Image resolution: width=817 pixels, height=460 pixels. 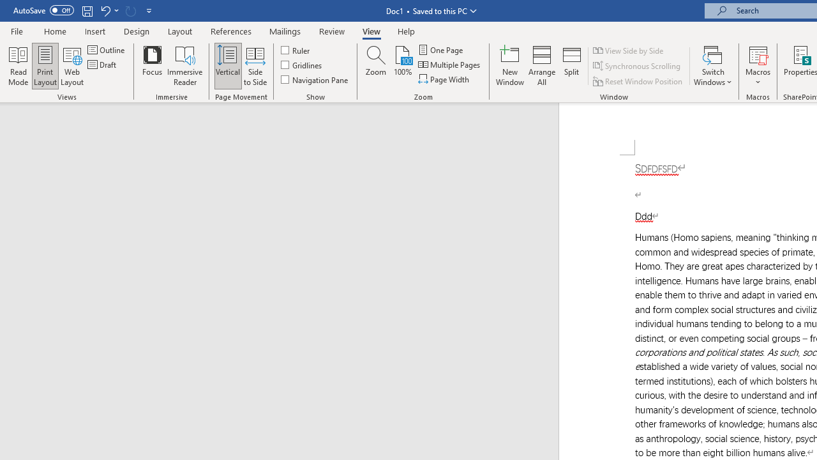 I want to click on 'Navigation Pane', so click(x=315, y=79).